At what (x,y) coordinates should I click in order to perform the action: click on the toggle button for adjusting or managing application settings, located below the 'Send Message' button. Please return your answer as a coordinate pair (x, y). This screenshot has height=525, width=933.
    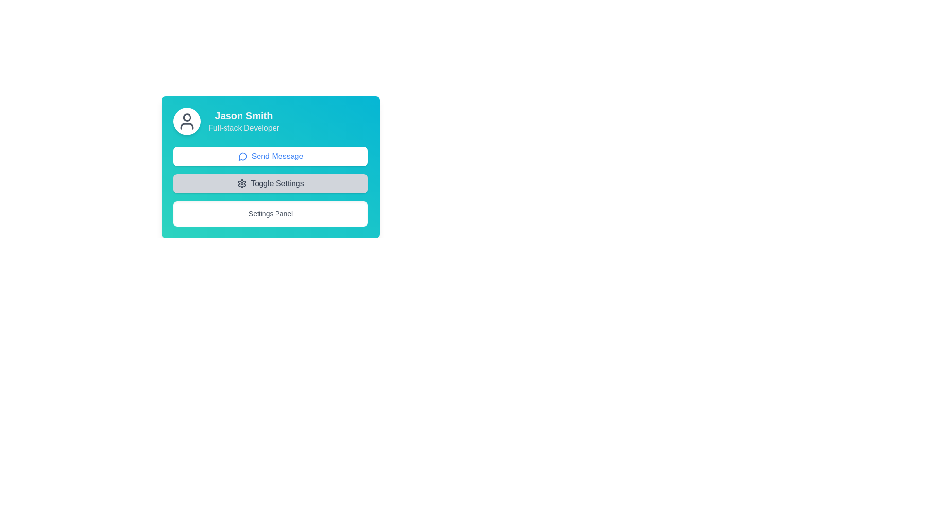
    Looking at the image, I should click on (270, 184).